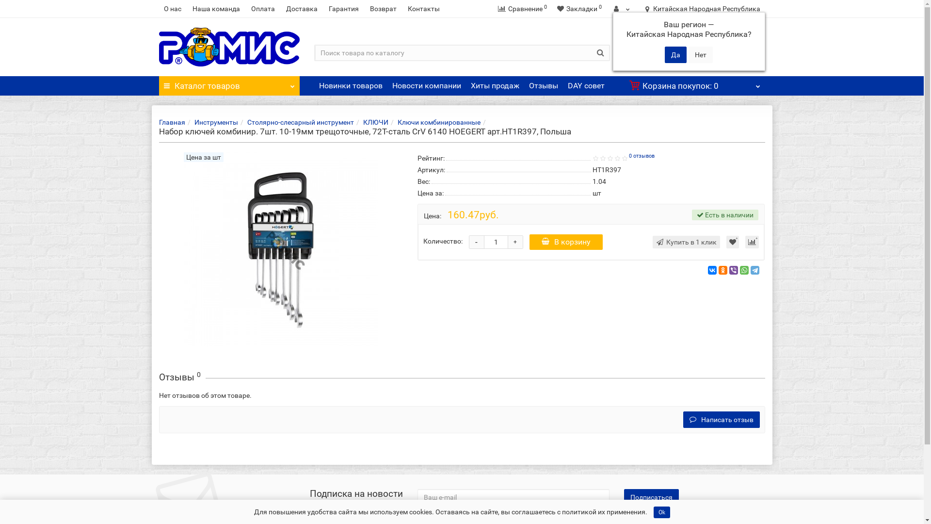  I want to click on 'Telegram', so click(754, 270).